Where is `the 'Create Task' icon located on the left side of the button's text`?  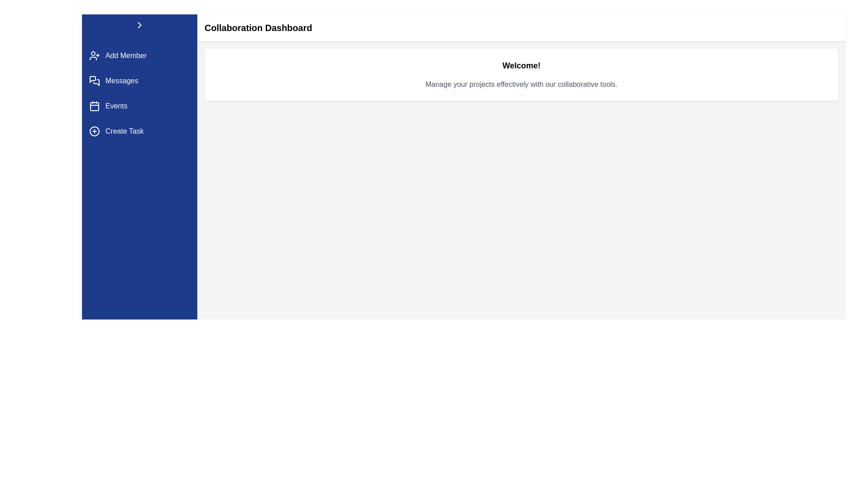 the 'Create Task' icon located on the left side of the button's text is located at coordinates (95, 131).